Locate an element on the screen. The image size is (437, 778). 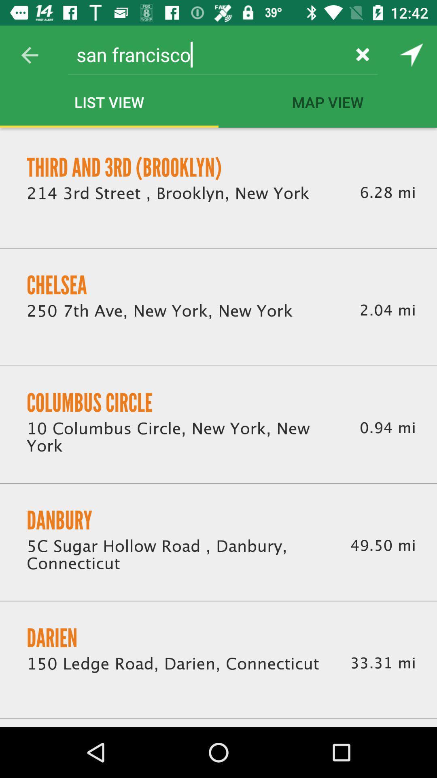
the 0.94 mi item is located at coordinates (387, 427).